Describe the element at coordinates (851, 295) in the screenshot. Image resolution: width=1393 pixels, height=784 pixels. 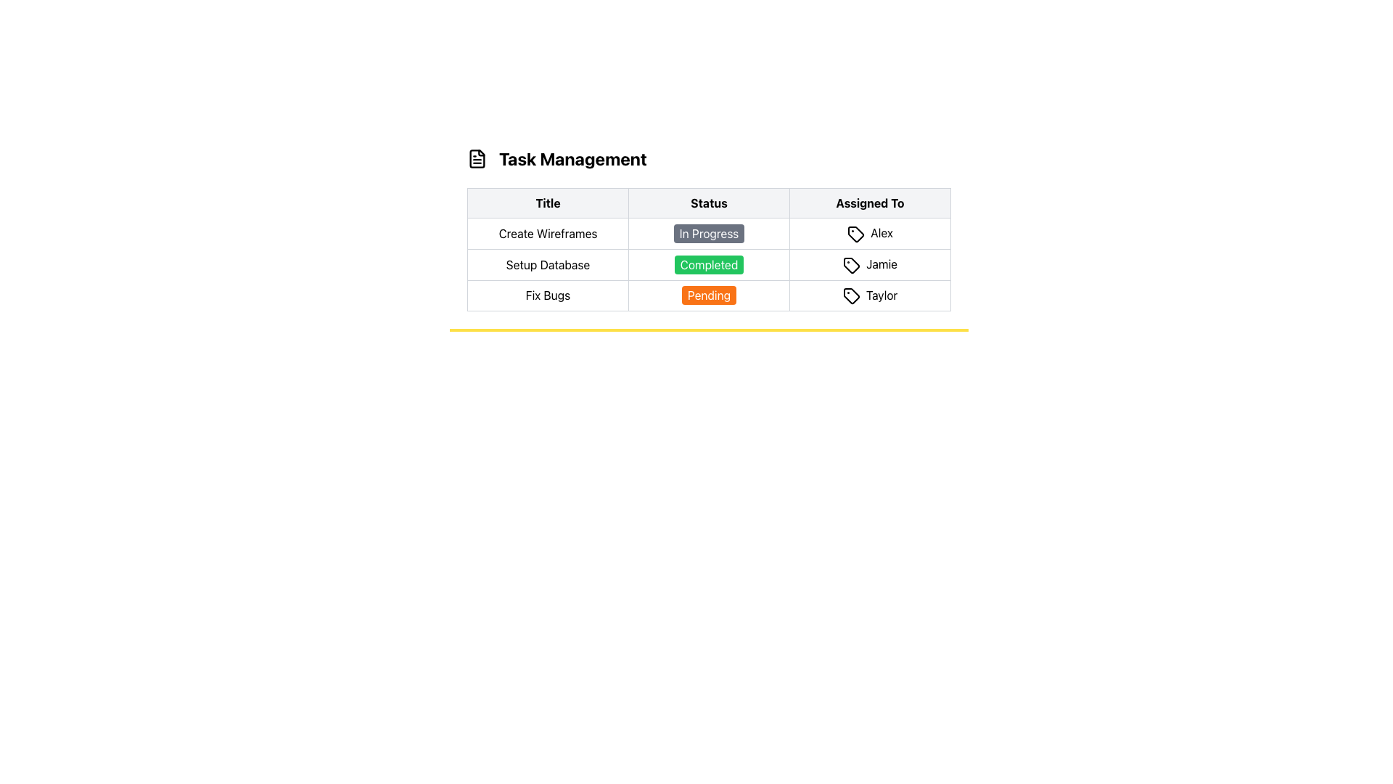
I see `the icon located in the third row of the 'Assigned To' column, which visually identifies or categorizes the assignment for 'Taylor'` at that location.